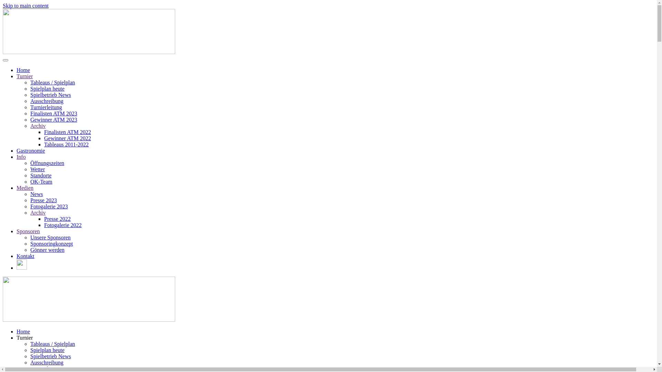  I want to click on 'Archiv', so click(38, 126).